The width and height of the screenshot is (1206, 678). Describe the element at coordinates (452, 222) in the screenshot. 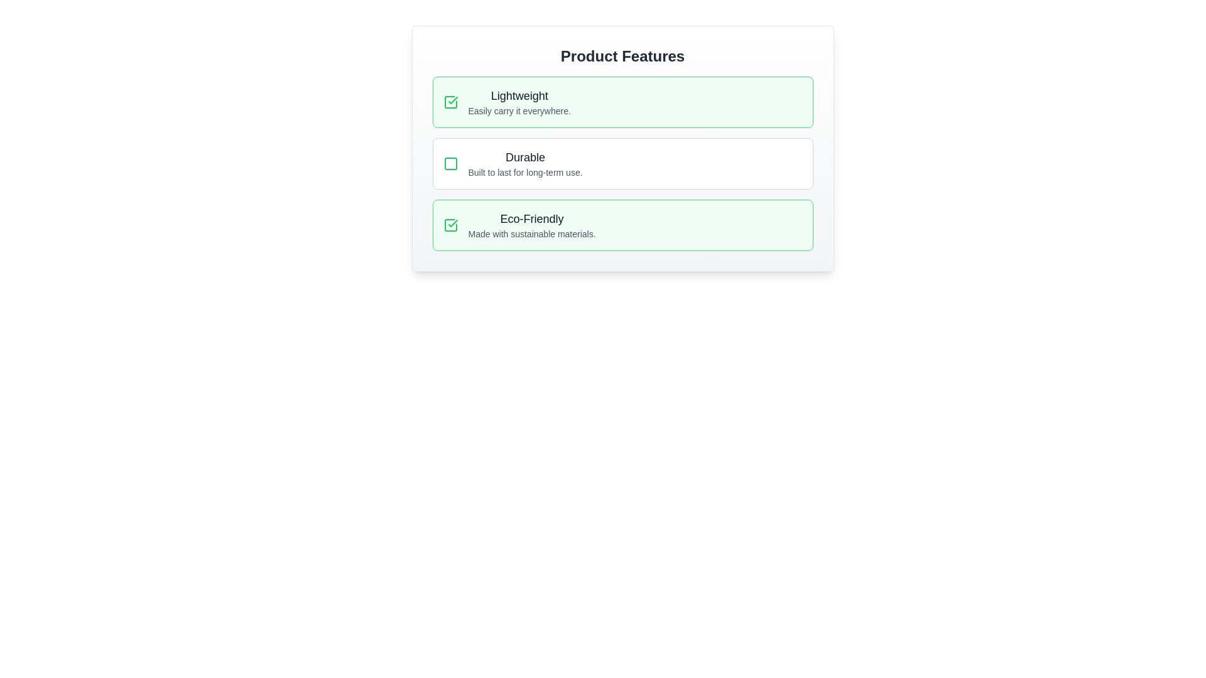

I see `the checkmark icon indicating the selection of the 'Lightweight' feature, located within the green-outlined box in the first row of the 'Product Features' list` at that location.